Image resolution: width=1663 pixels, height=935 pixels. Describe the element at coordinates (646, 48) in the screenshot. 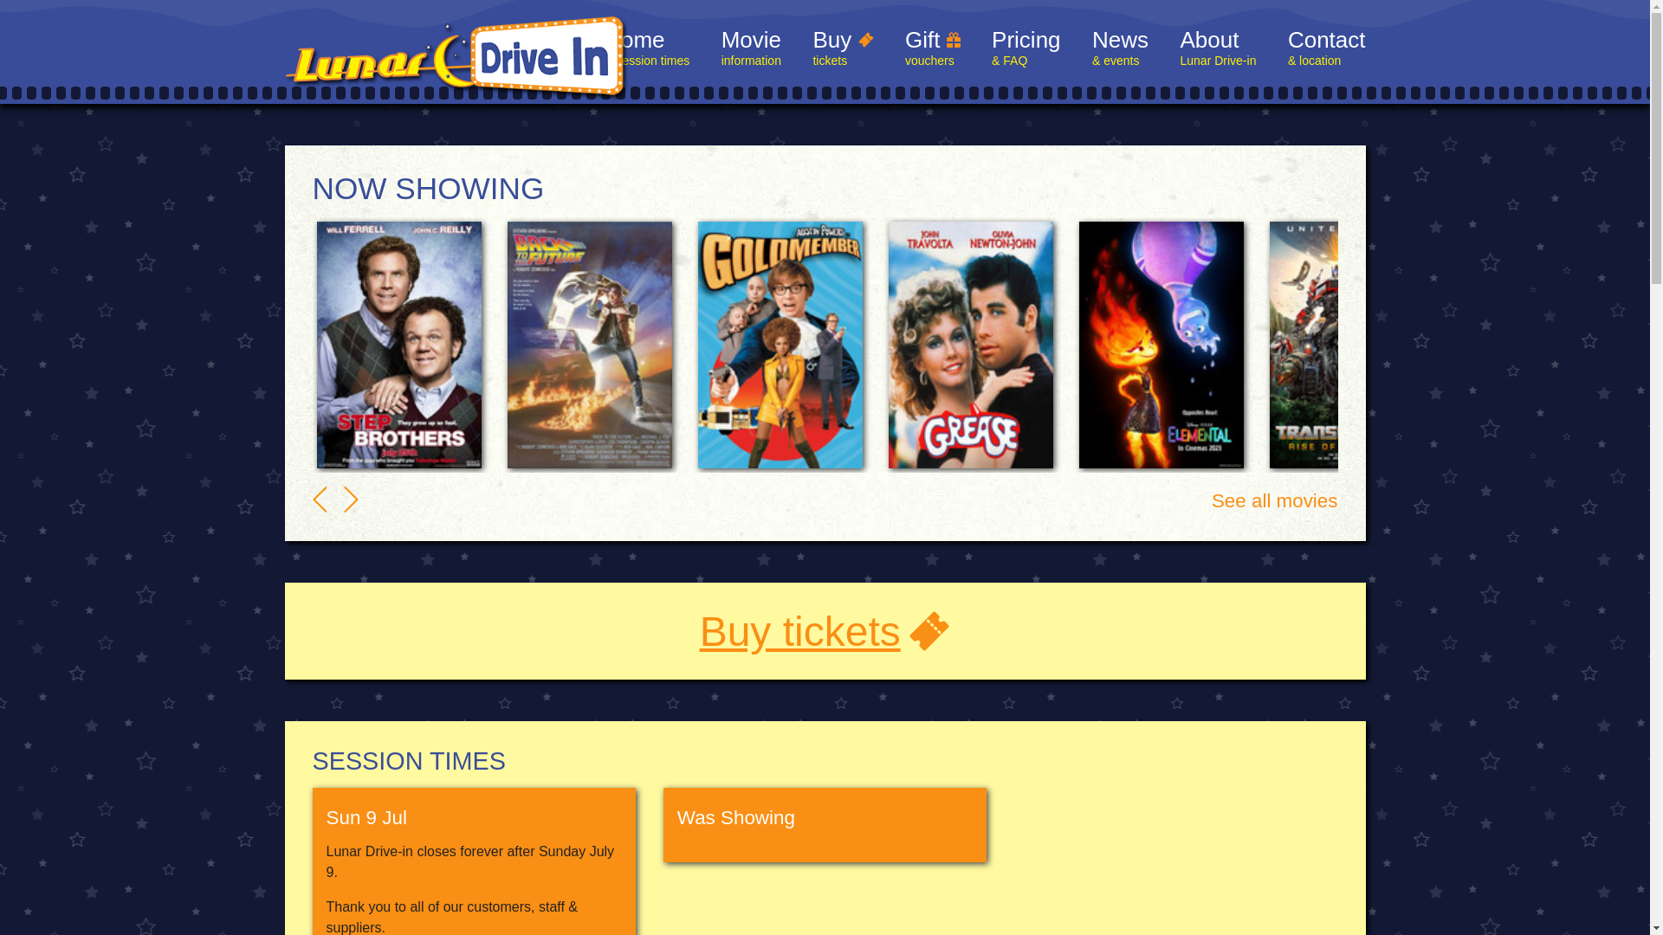

I see `'Home` at that location.